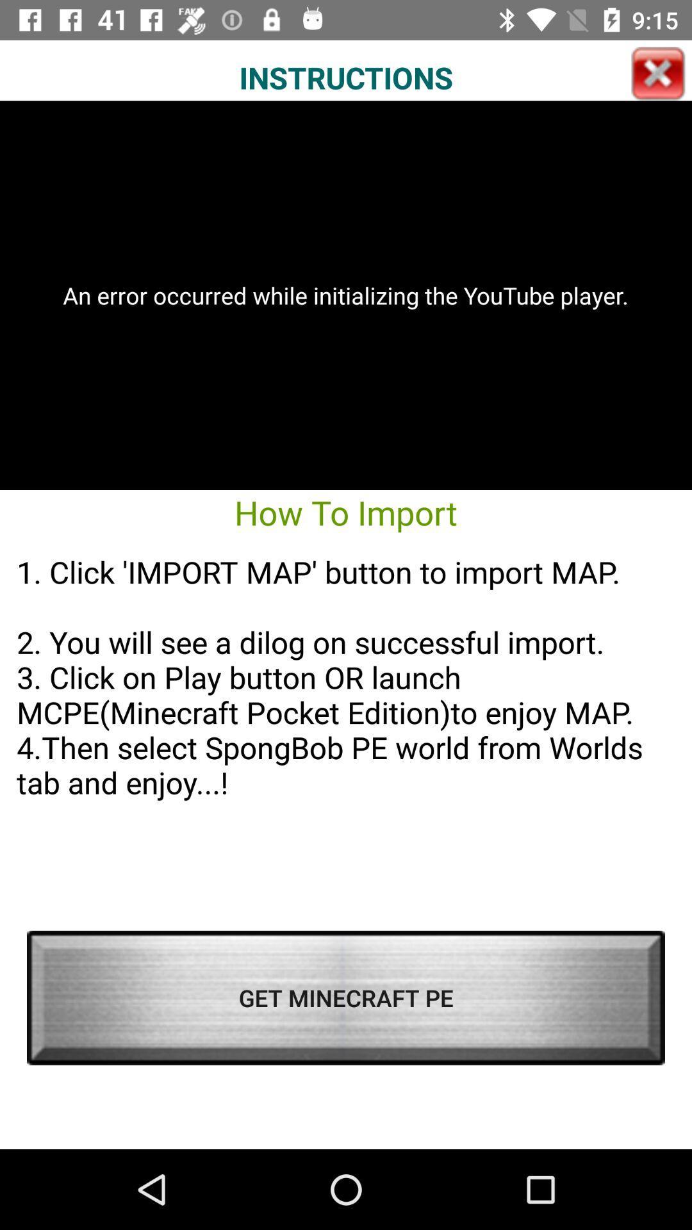 Image resolution: width=692 pixels, height=1230 pixels. I want to click on the icon above the an error occurred app, so click(658, 73).